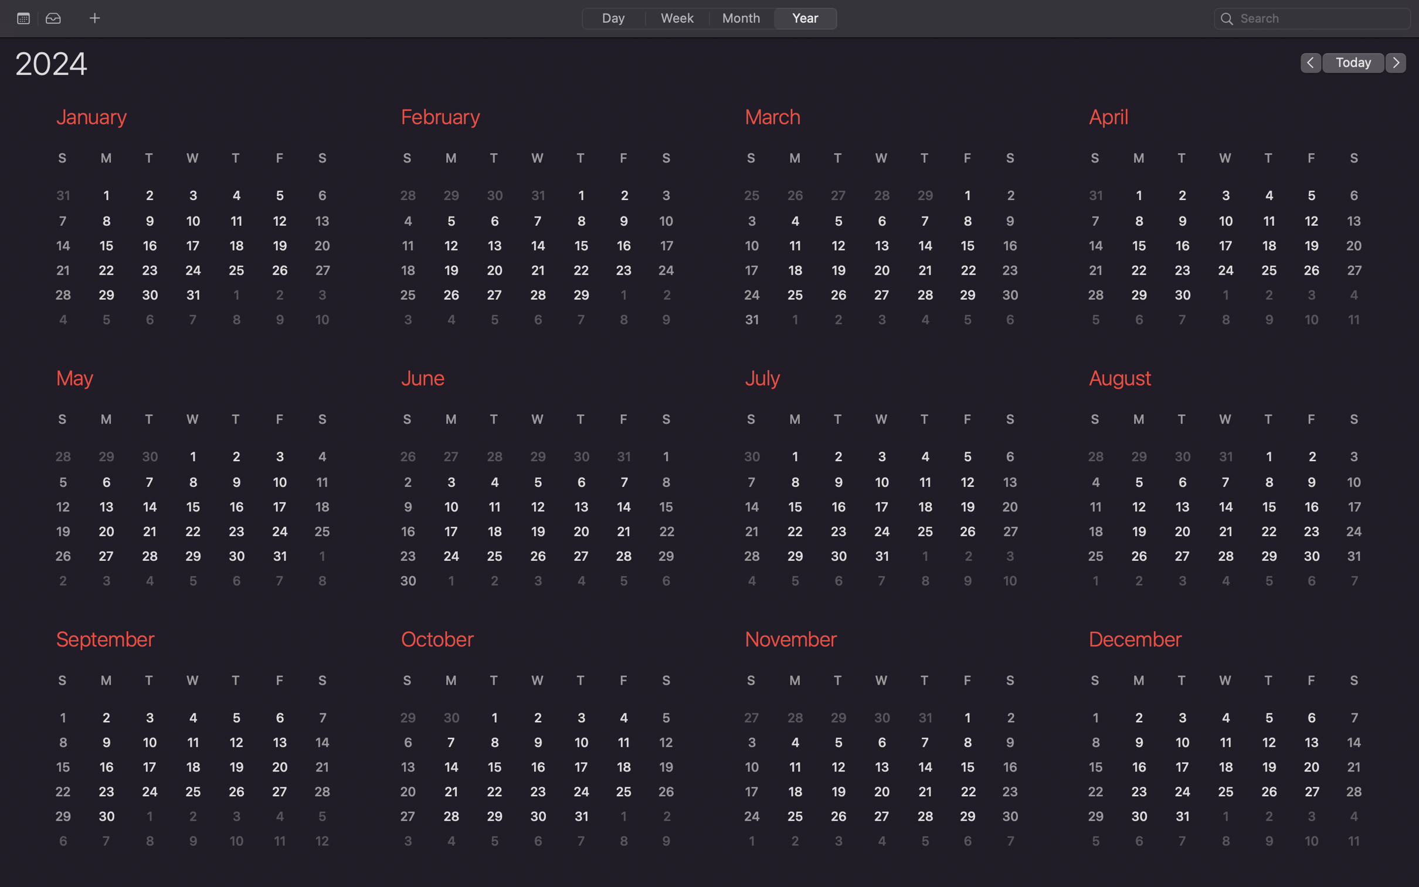  Describe the element at coordinates (1220, 482) in the screenshot. I see `the August calendar to view the events` at that location.